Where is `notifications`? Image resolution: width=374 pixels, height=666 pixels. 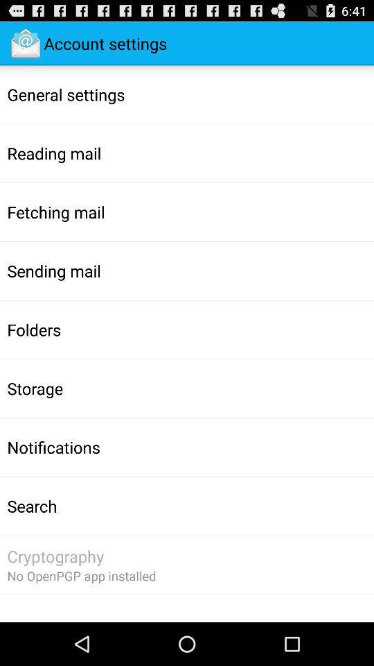 notifications is located at coordinates (53, 446).